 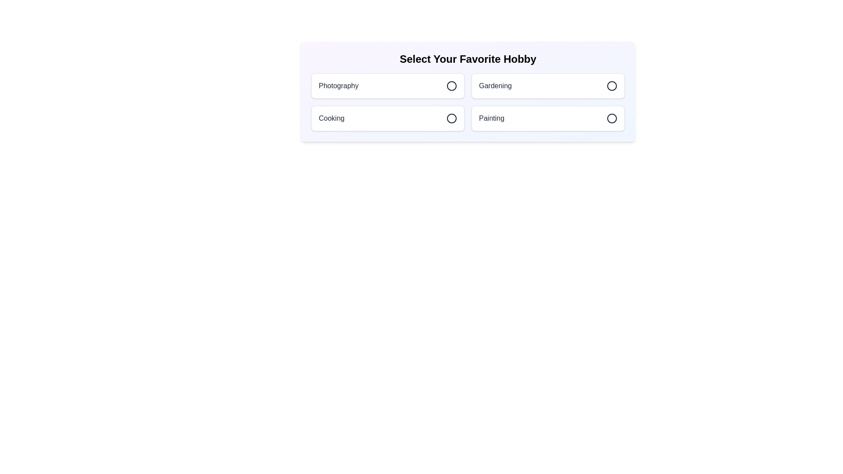 I want to click on the Gardening radio button, so click(x=611, y=86).